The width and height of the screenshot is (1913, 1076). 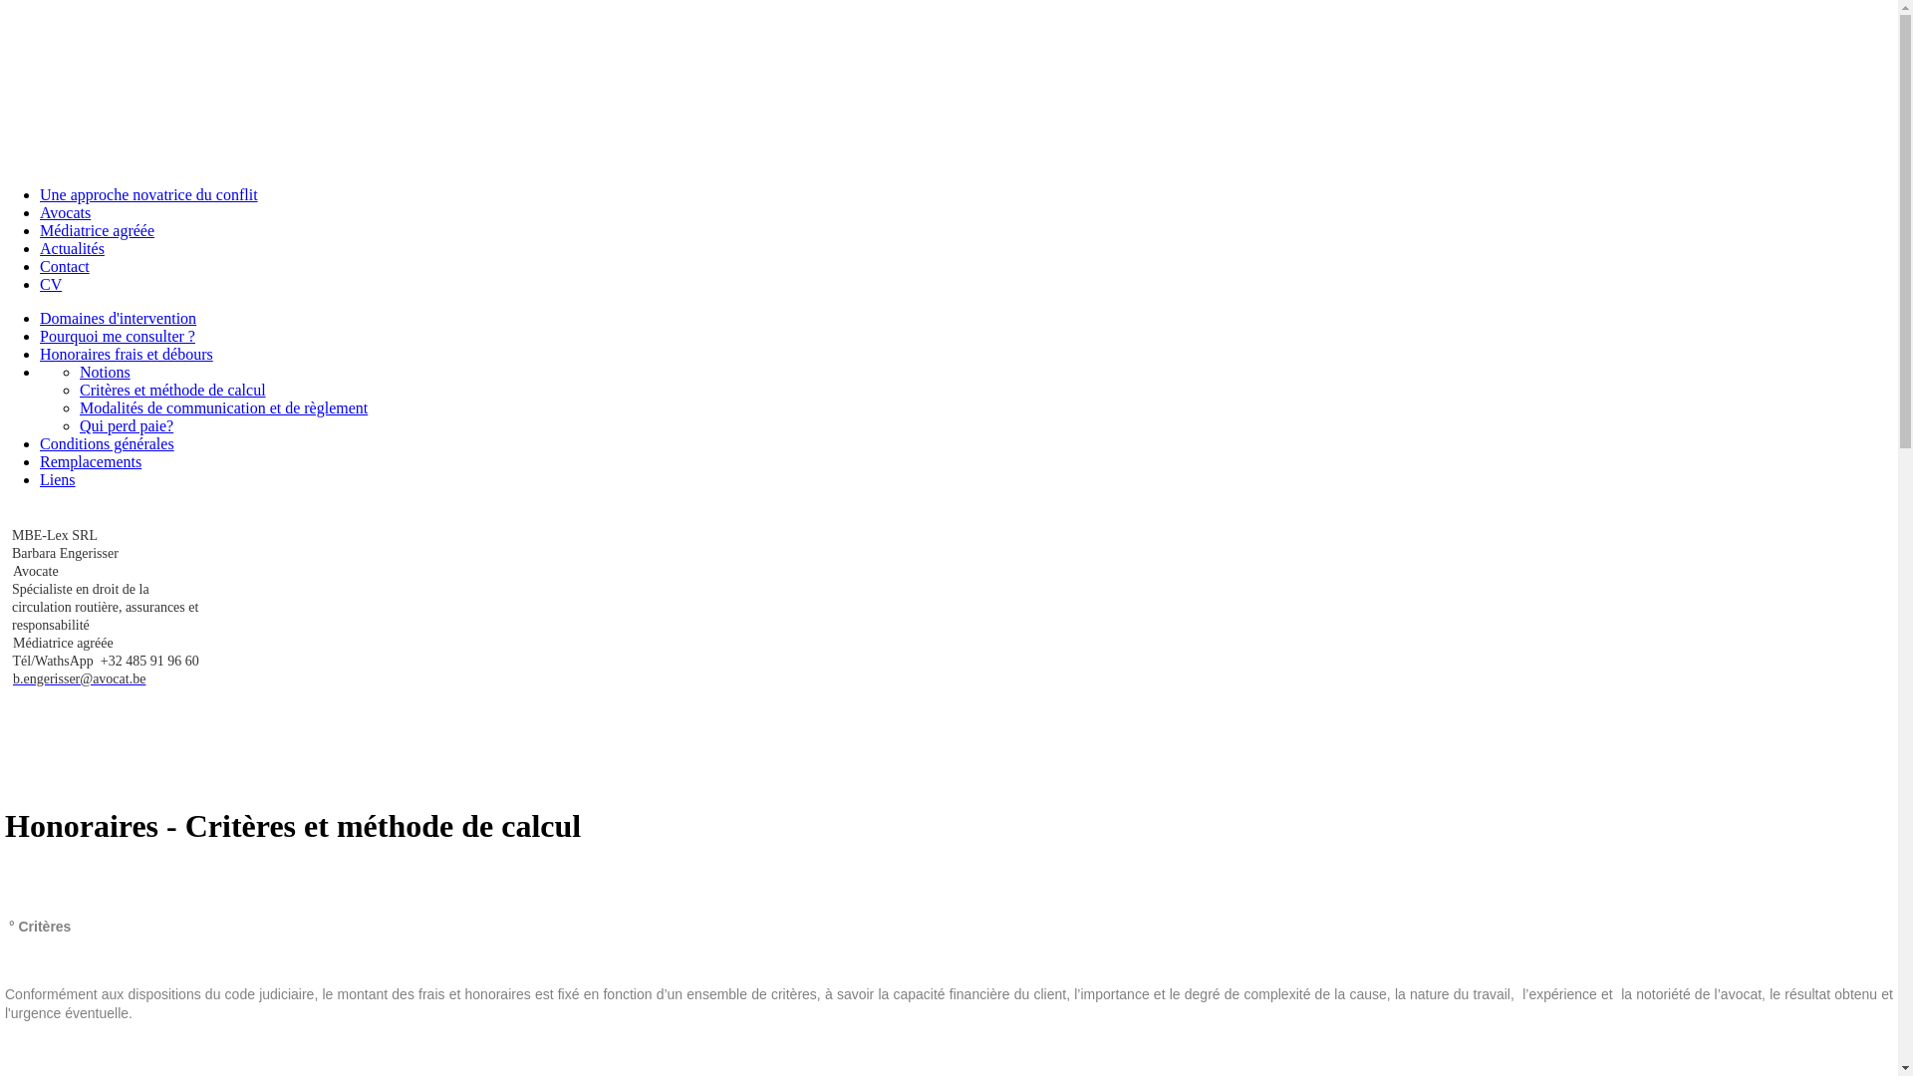 What do you see at coordinates (117, 317) in the screenshot?
I see `'Domaines d'intervention'` at bounding box center [117, 317].